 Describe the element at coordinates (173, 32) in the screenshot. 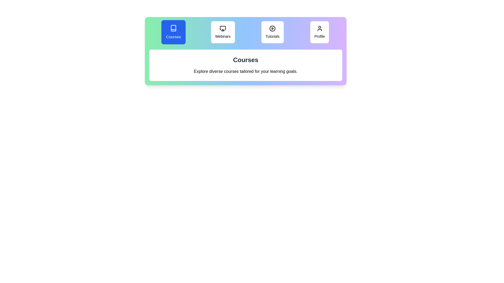

I see `the tab labeled Courses` at that location.